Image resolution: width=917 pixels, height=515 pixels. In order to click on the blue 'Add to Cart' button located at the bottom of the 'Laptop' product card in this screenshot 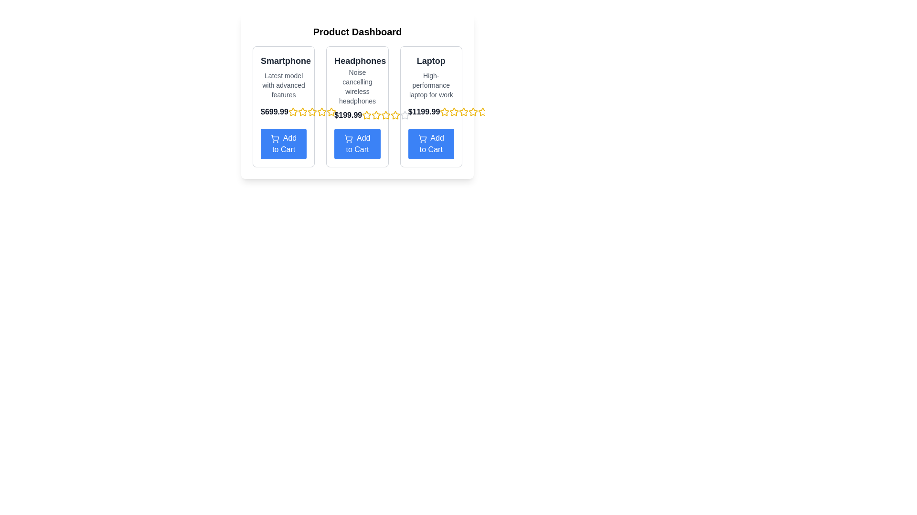, I will do `click(430, 144)`.